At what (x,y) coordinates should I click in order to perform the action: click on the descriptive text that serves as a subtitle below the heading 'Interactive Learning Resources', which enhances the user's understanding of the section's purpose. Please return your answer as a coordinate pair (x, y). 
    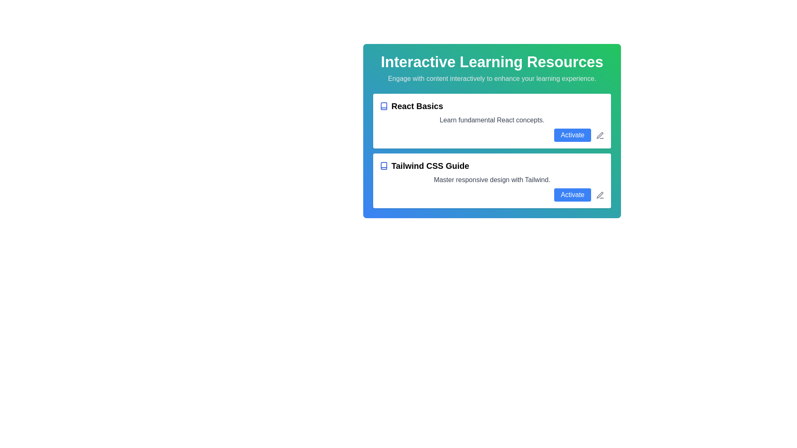
    Looking at the image, I should click on (492, 78).